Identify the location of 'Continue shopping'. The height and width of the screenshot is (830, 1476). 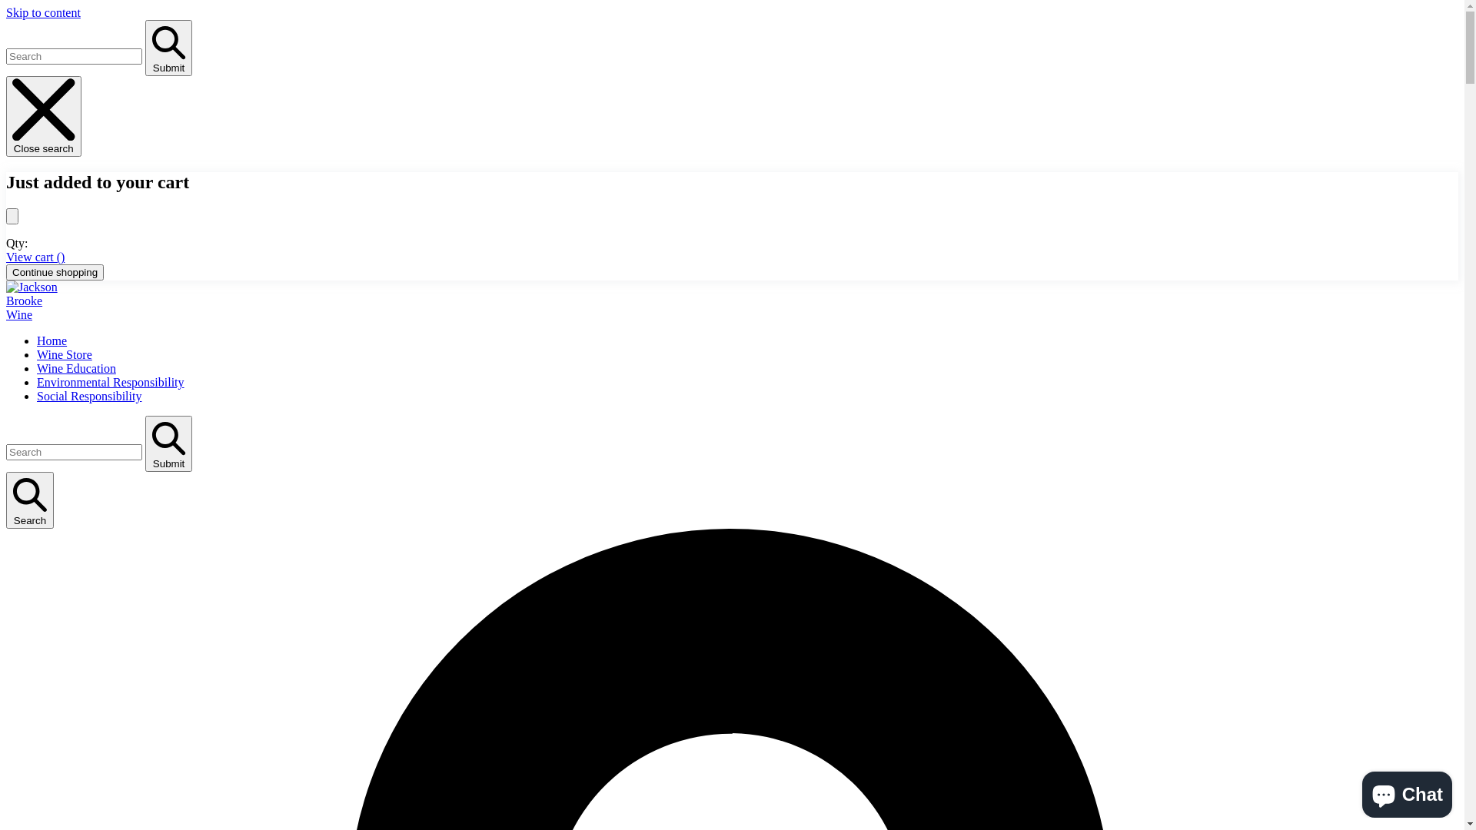
(55, 271).